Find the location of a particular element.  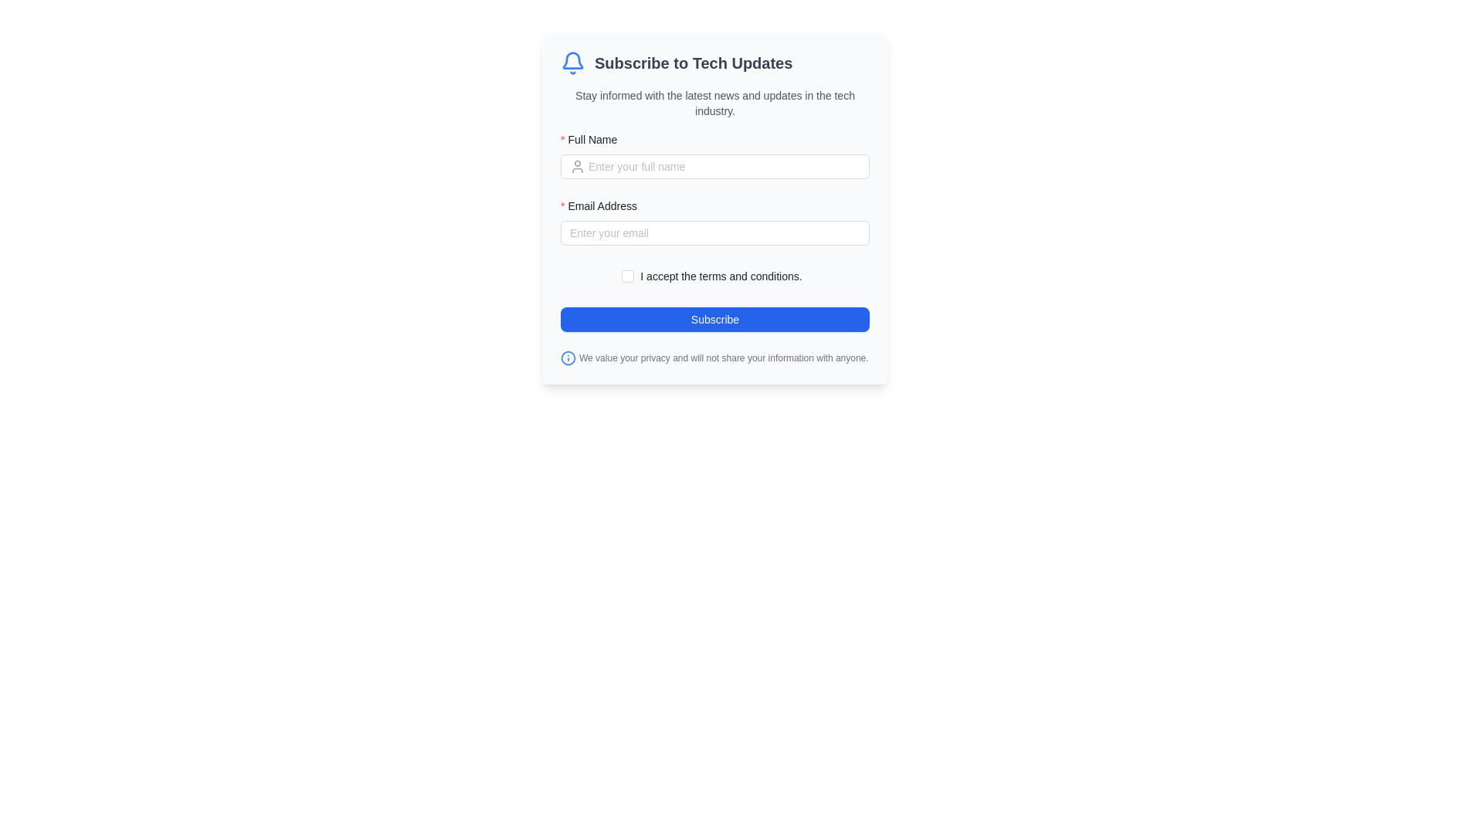

the 'Email Address' input box is located at coordinates (714, 221).